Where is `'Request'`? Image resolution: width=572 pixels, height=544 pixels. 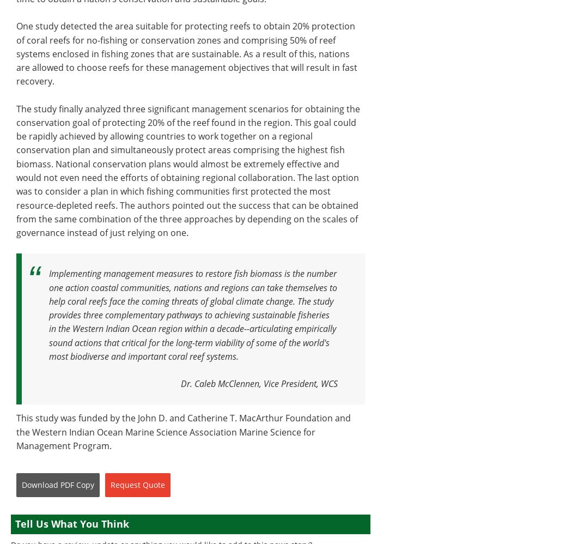 'Request' is located at coordinates (125, 483).